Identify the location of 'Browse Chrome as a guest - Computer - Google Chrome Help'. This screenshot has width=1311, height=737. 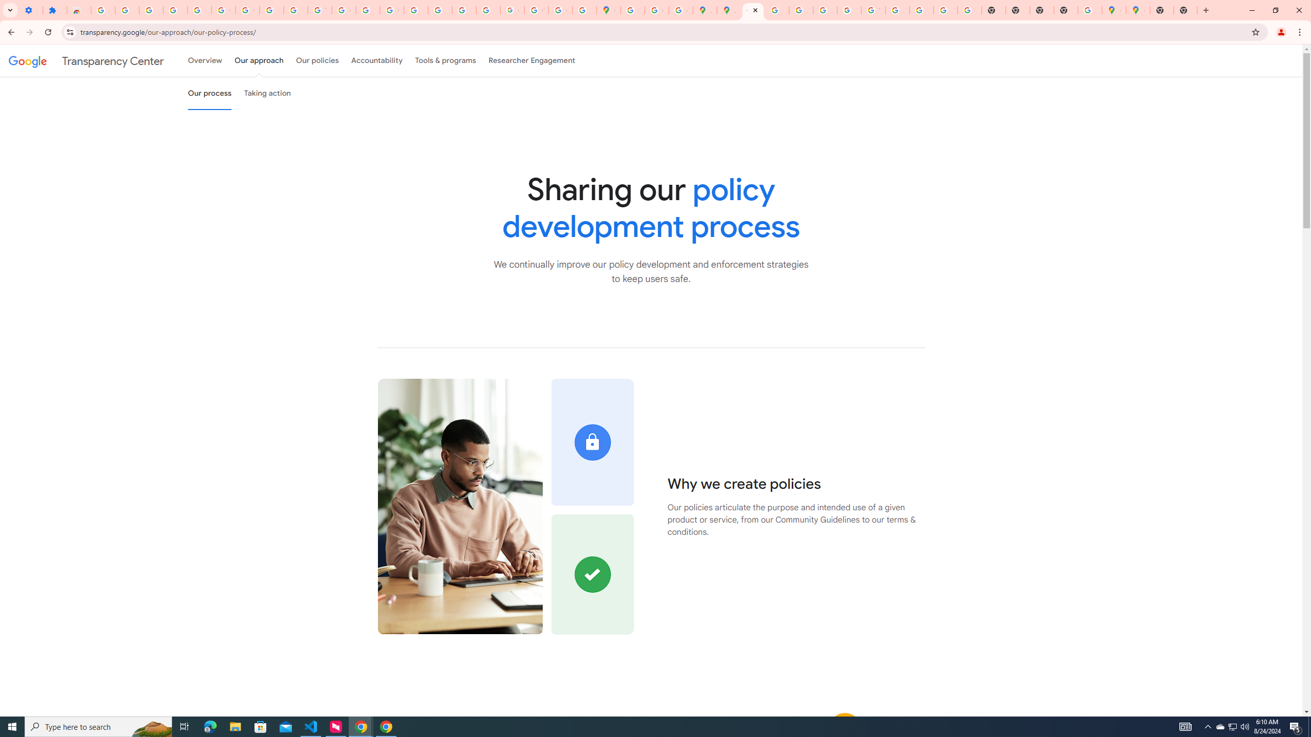
(897, 10).